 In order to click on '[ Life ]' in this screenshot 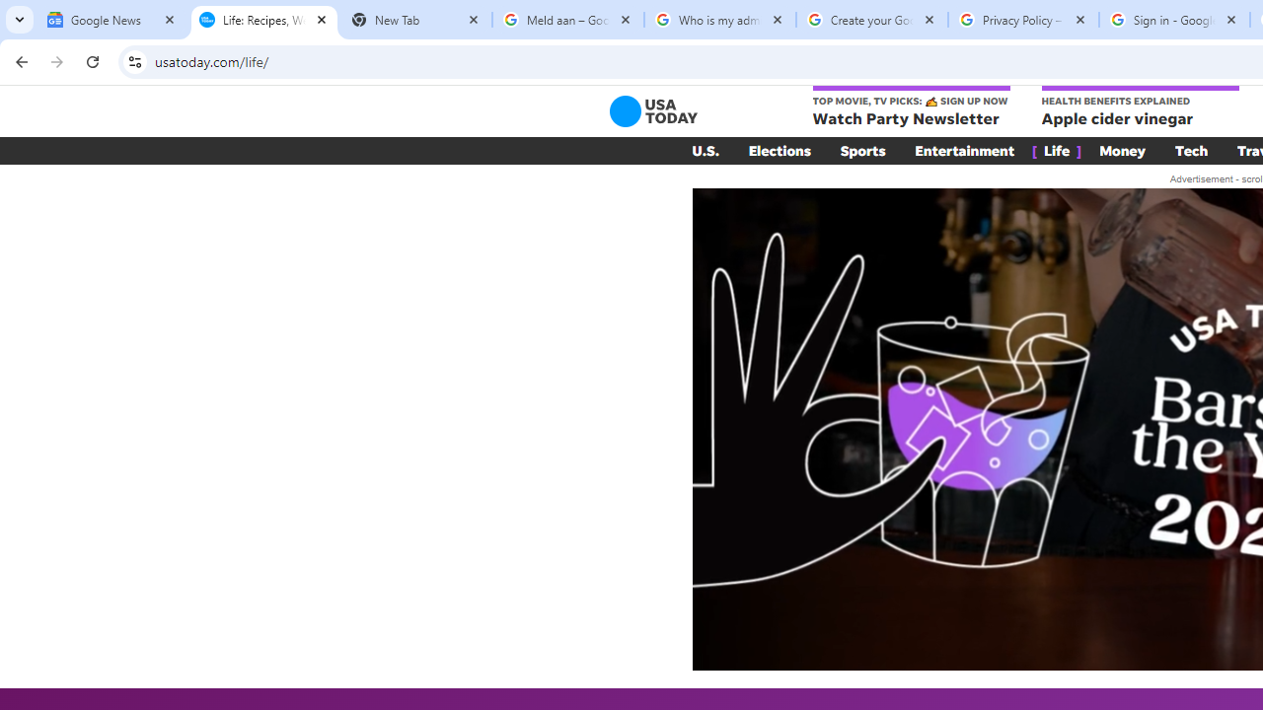, I will do `click(1056, 150)`.